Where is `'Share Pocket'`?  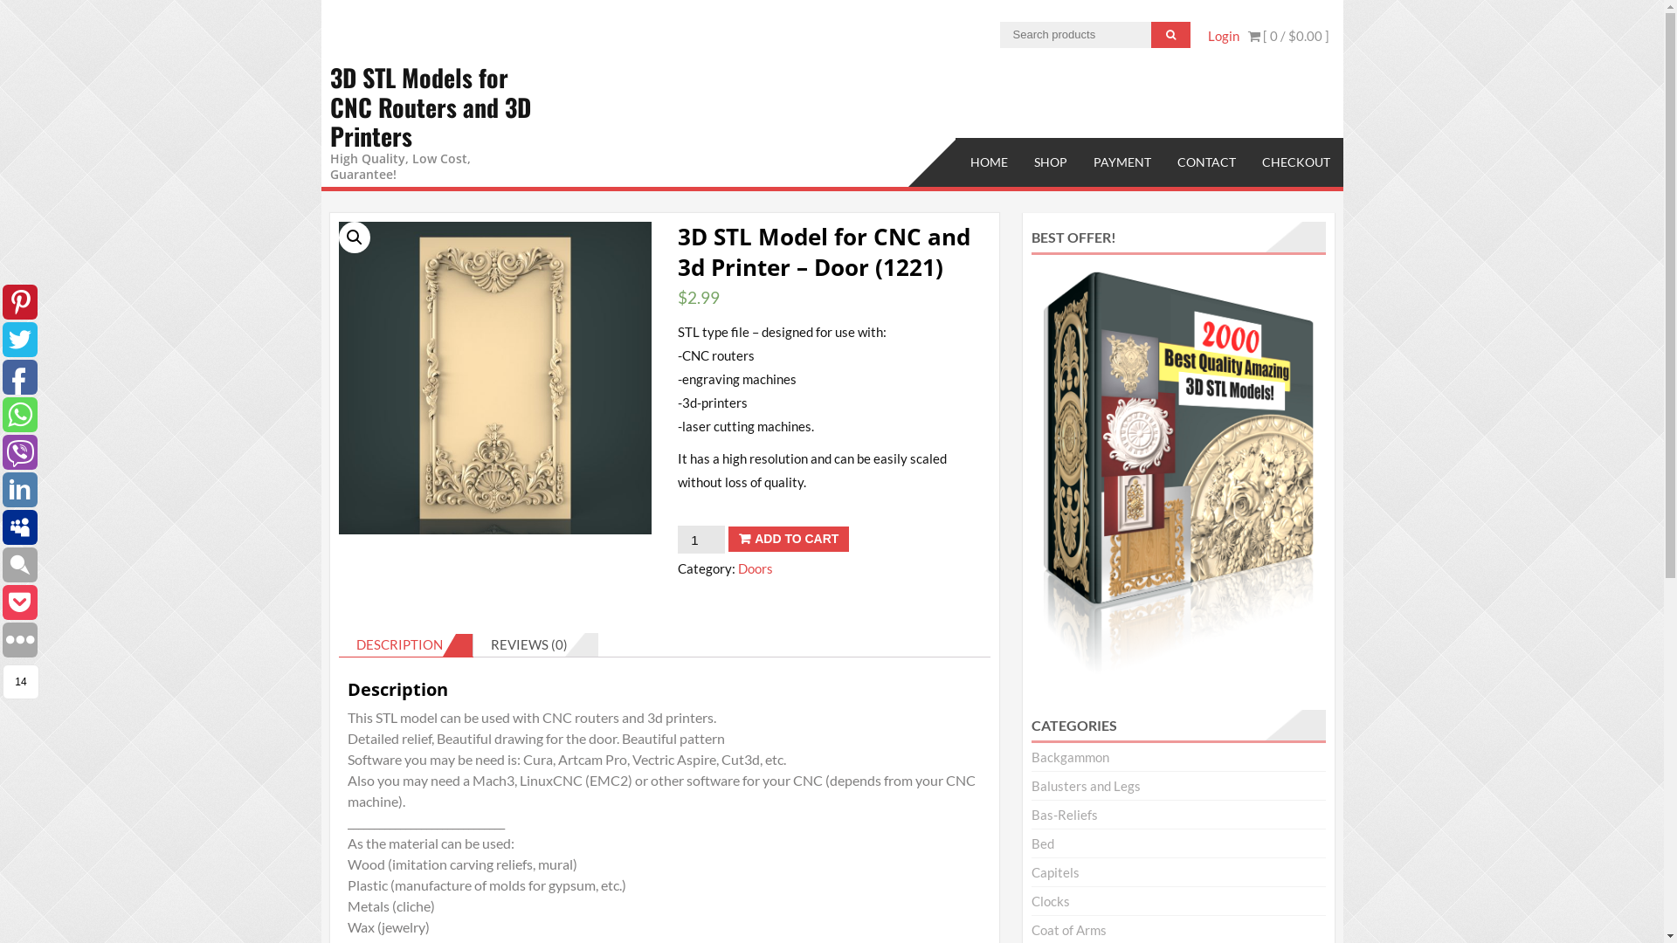 'Share Pocket' is located at coordinates (3, 602).